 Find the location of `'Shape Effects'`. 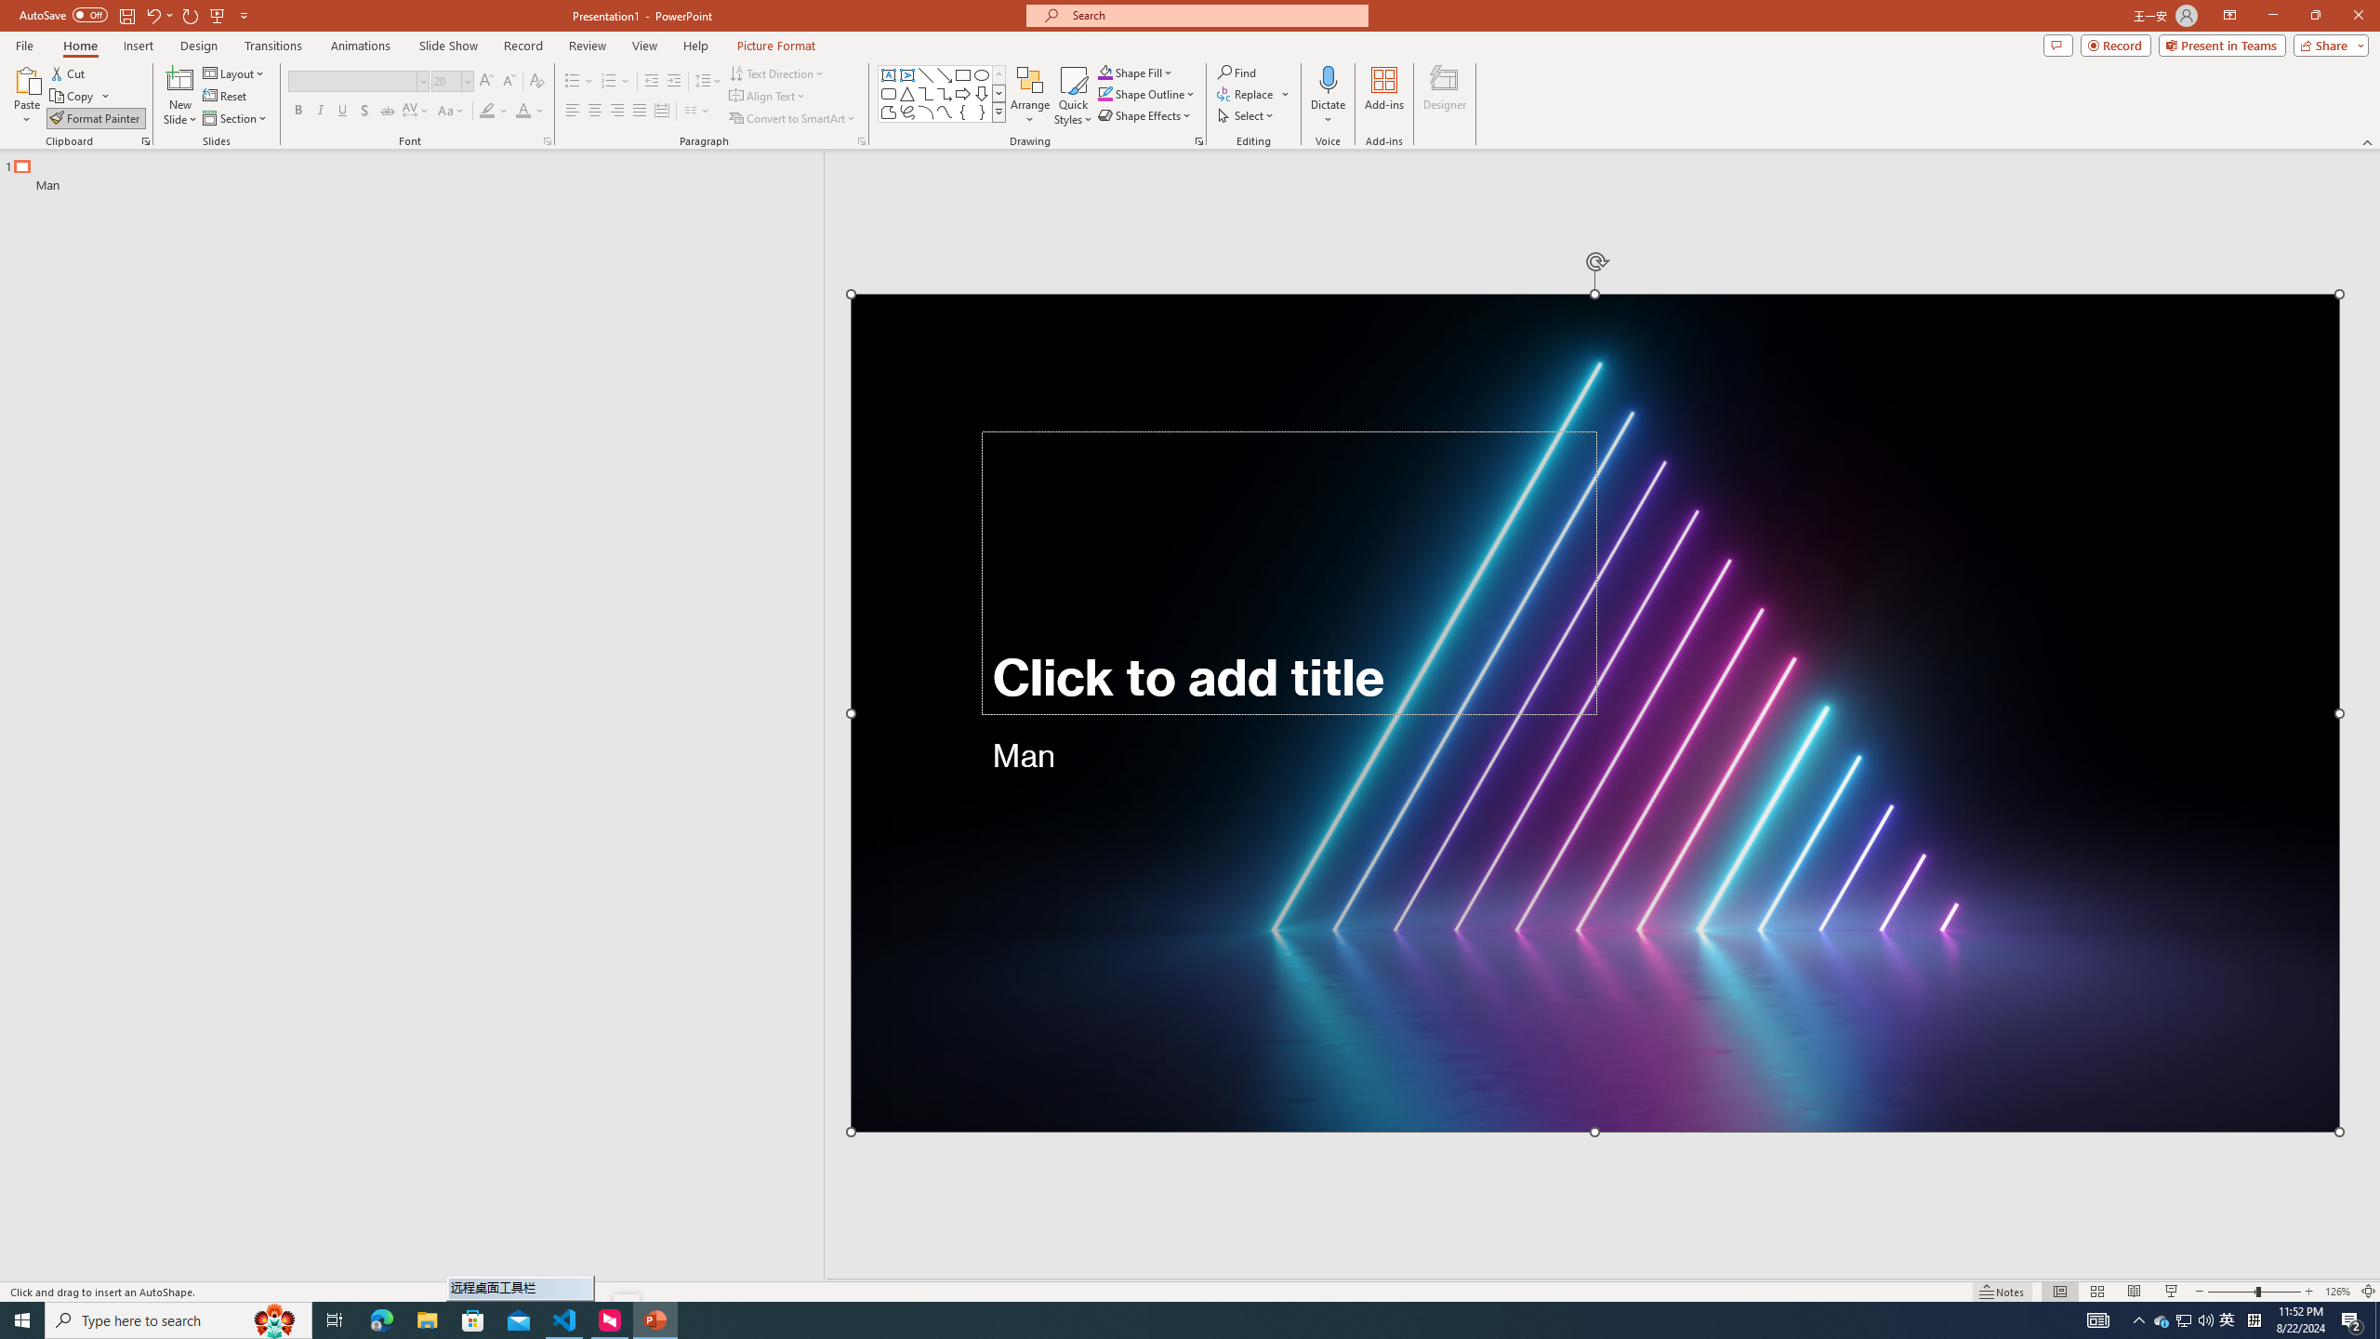

'Shape Effects' is located at coordinates (1144, 113).